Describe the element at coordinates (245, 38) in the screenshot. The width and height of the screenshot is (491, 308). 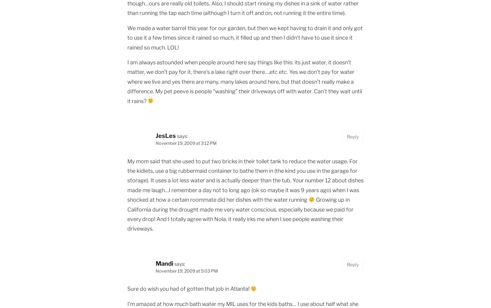
I see `'We made a water barrel this year for our garden, but then we kept having to drain it and only got to use it a few times since it rained so much, it filled up and then I didn’t have to use it since it rained so much. LOL!'` at that location.